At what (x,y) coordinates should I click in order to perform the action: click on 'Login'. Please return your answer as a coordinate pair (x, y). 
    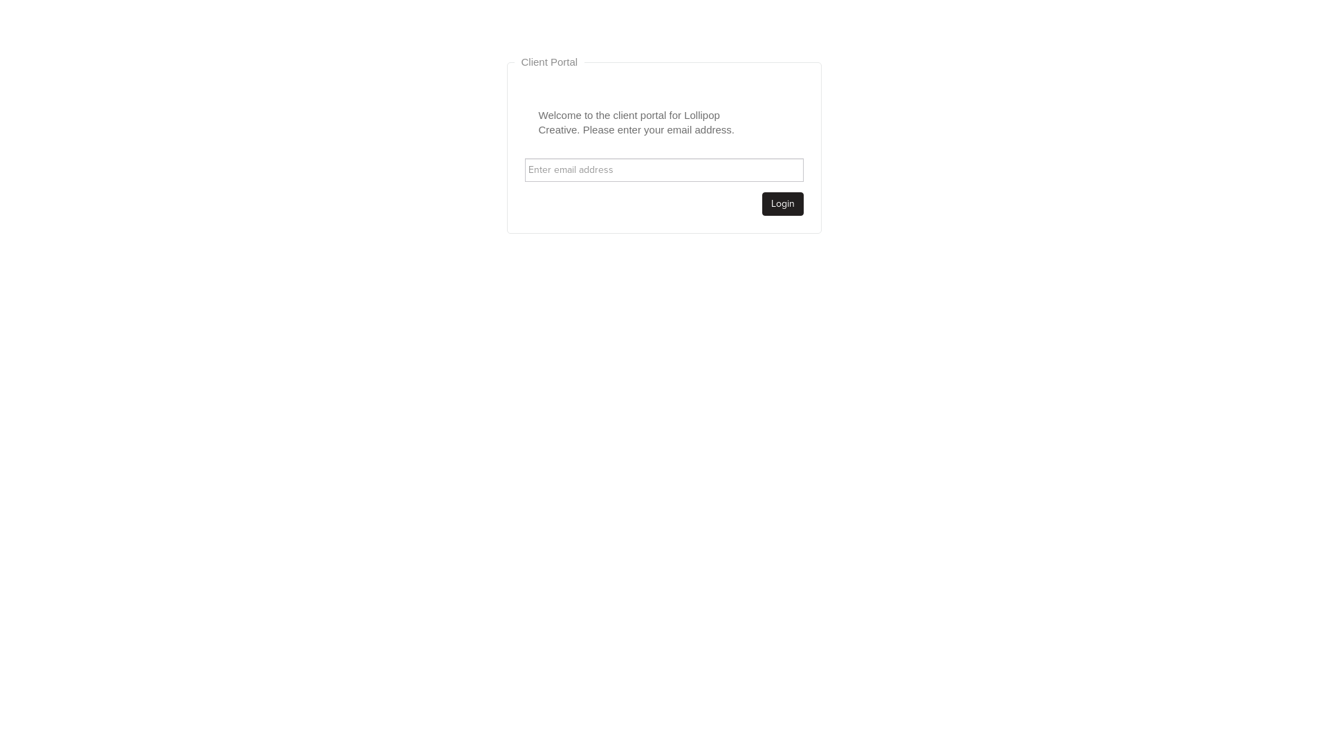
    Looking at the image, I should click on (783, 203).